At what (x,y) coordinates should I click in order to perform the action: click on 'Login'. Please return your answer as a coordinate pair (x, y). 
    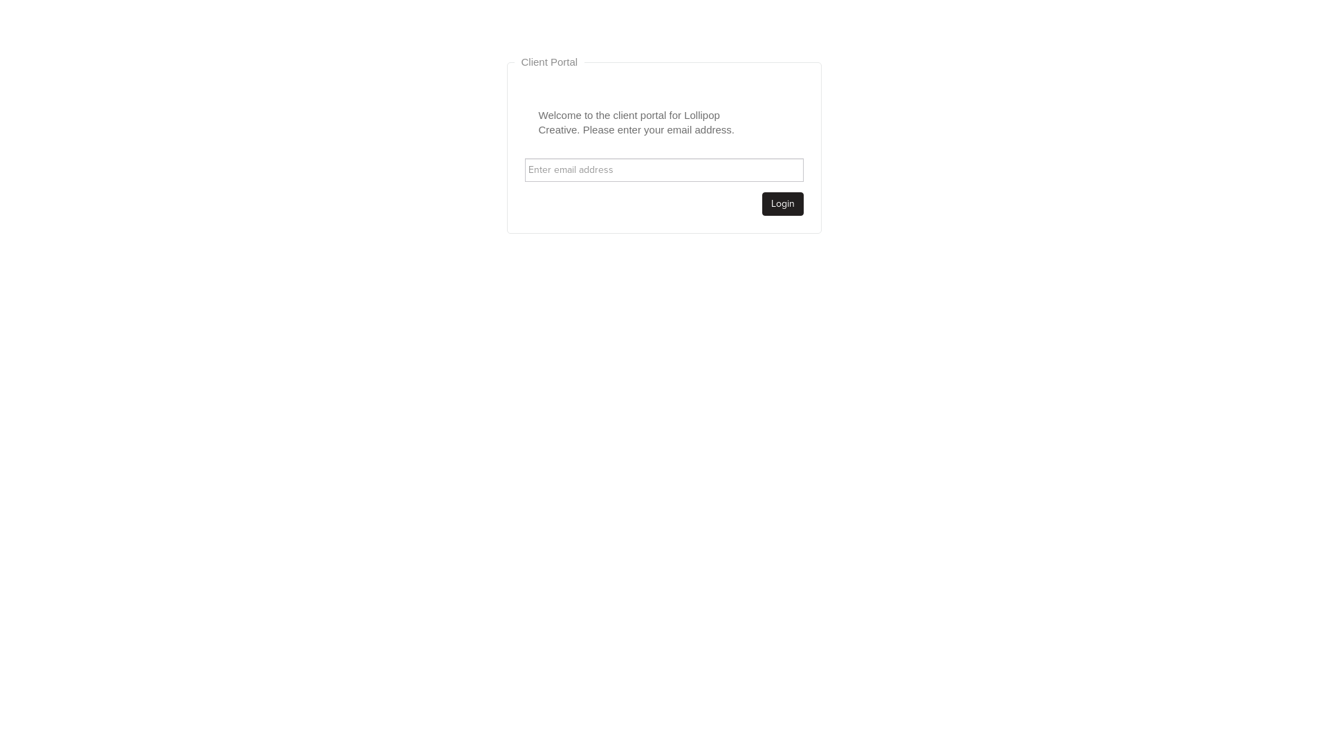
    Looking at the image, I should click on (783, 203).